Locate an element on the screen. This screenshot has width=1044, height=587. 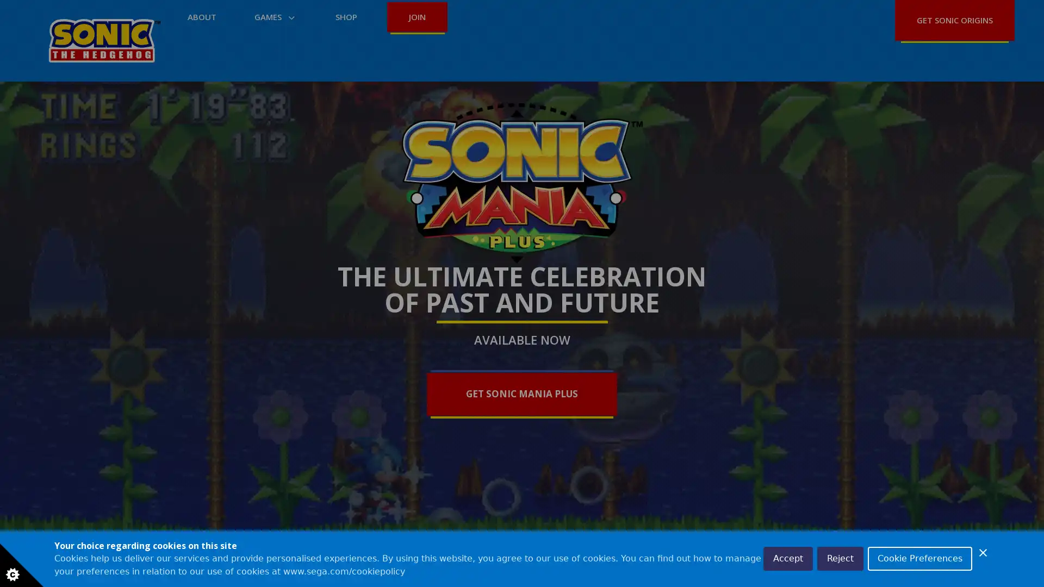
Cookie Preferences is located at coordinates (919, 559).